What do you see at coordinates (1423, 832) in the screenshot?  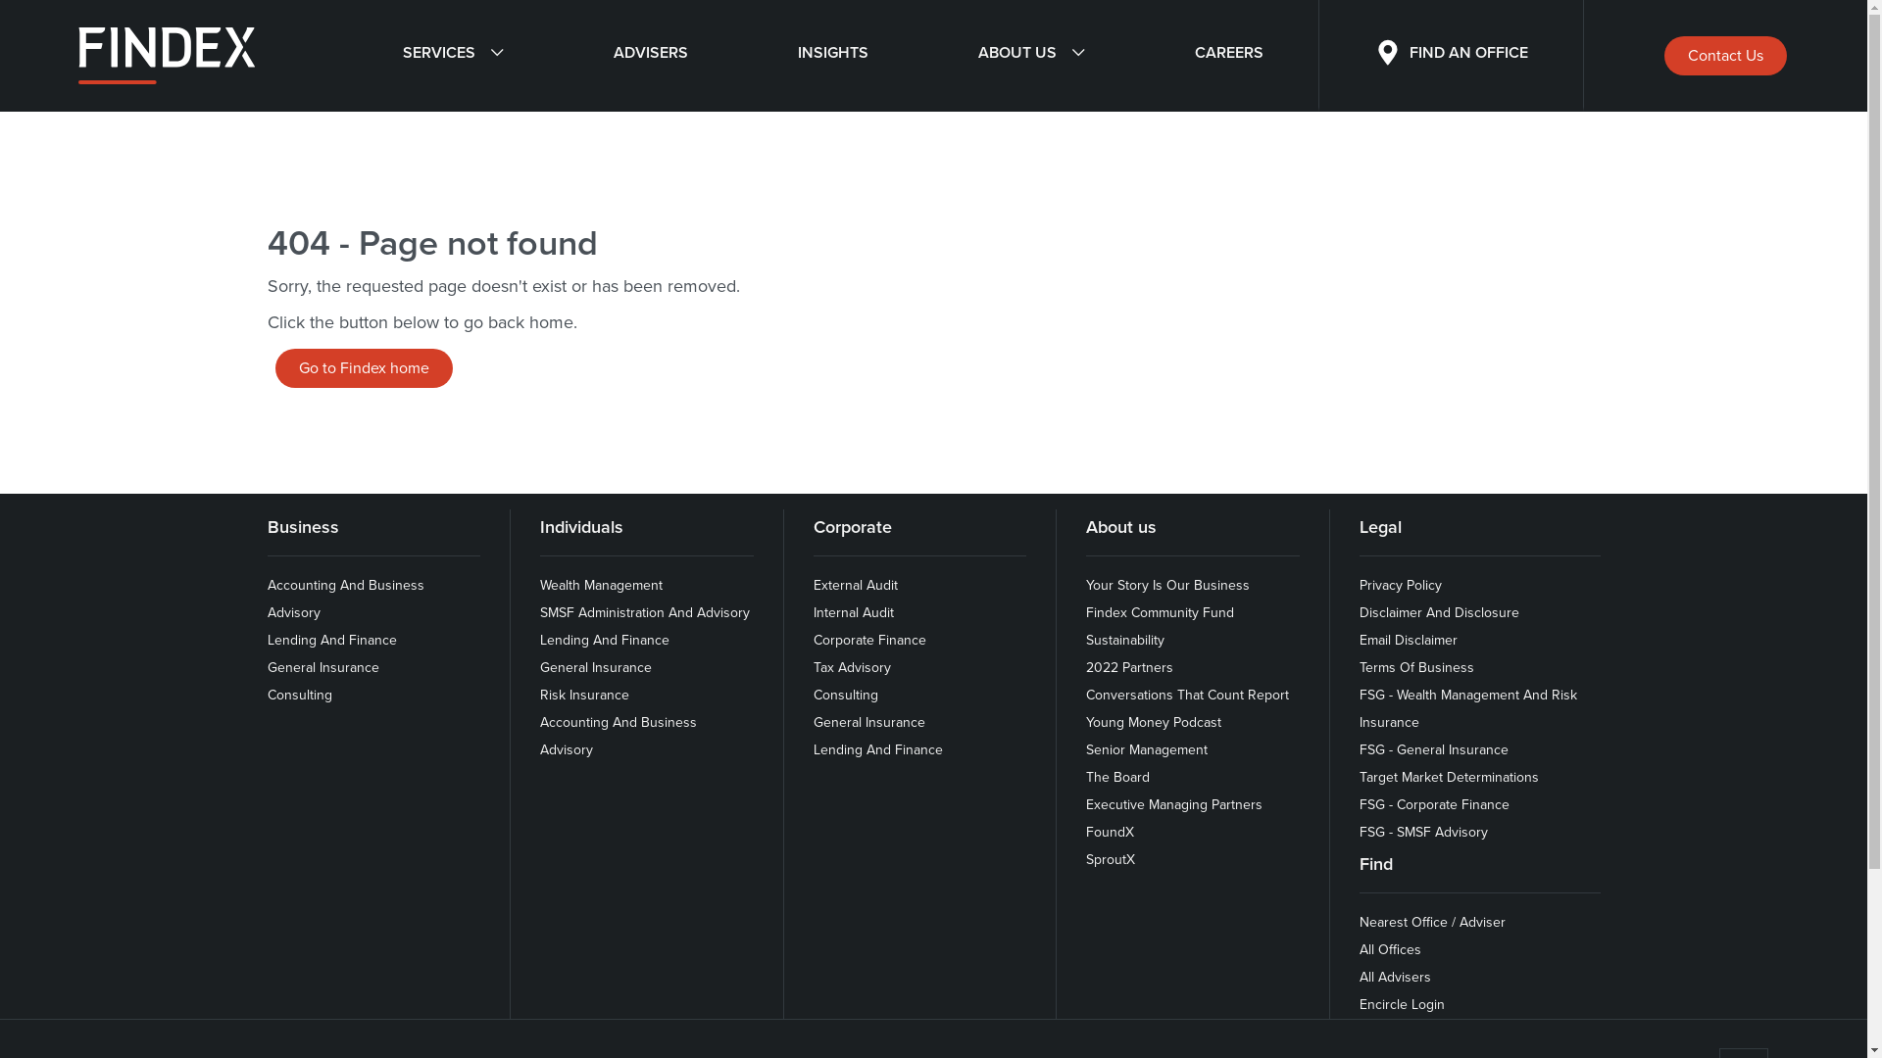 I see `'FSG - SMSF Advisory'` at bounding box center [1423, 832].